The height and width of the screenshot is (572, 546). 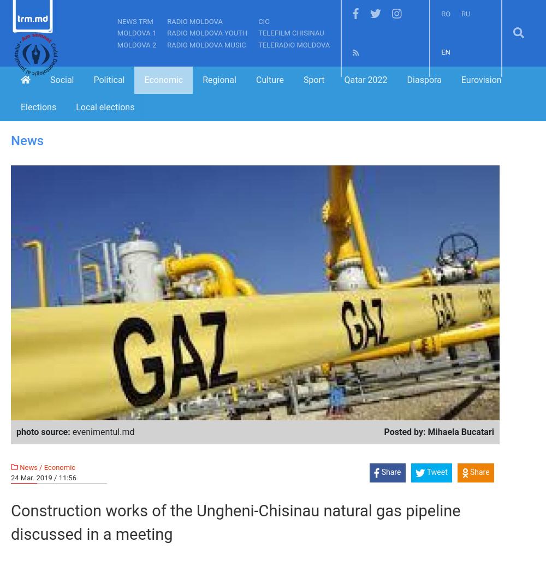 What do you see at coordinates (207, 33) in the screenshot?
I see `'Radio Moldova Youth'` at bounding box center [207, 33].